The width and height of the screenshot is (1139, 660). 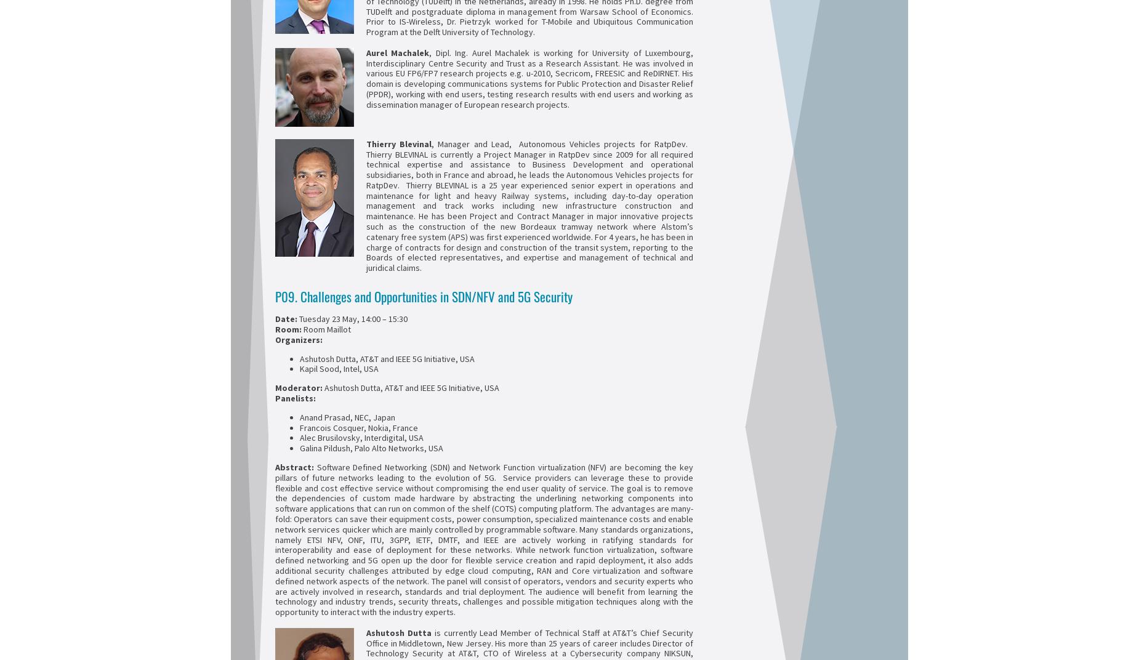 I want to click on 'Room Maillot', so click(x=327, y=328).